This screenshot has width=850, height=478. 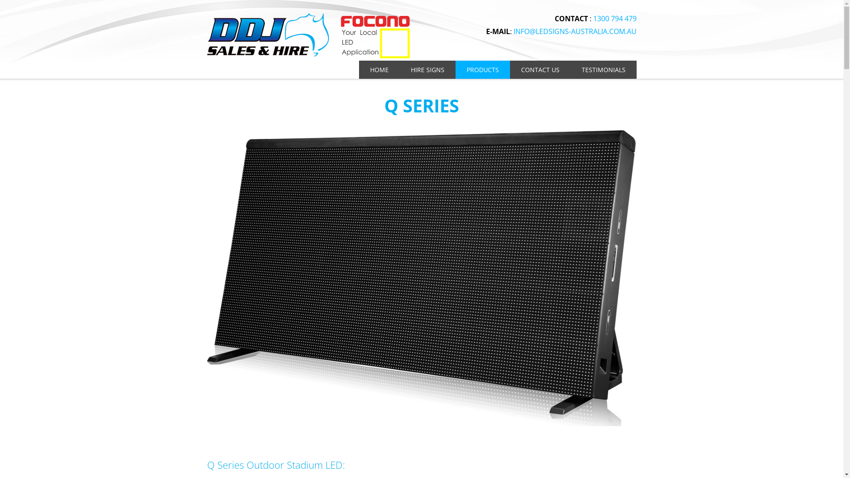 I want to click on '1300 794 479', so click(x=614, y=19).